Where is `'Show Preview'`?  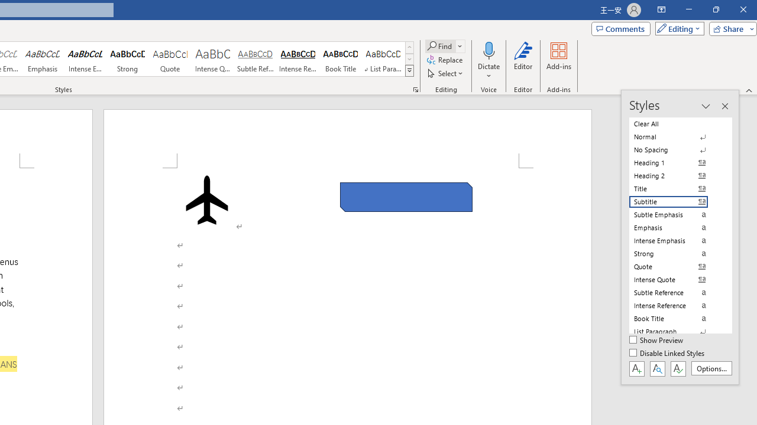
'Show Preview' is located at coordinates (656, 341).